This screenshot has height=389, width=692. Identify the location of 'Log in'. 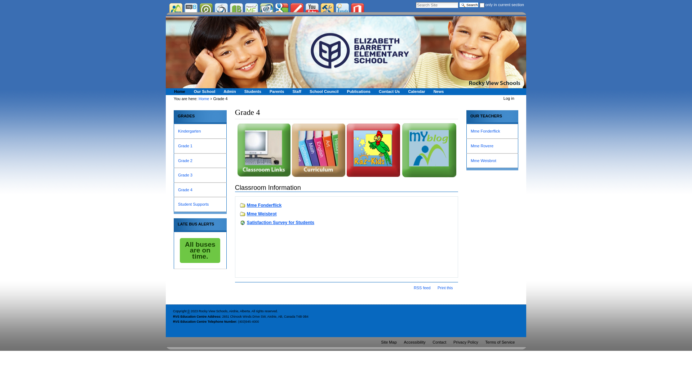
(508, 98).